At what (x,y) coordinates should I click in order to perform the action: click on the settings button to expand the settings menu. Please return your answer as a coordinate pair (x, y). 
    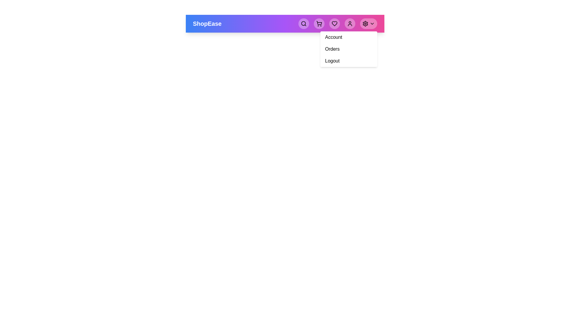
    Looking at the image, I should click on (368, 23).